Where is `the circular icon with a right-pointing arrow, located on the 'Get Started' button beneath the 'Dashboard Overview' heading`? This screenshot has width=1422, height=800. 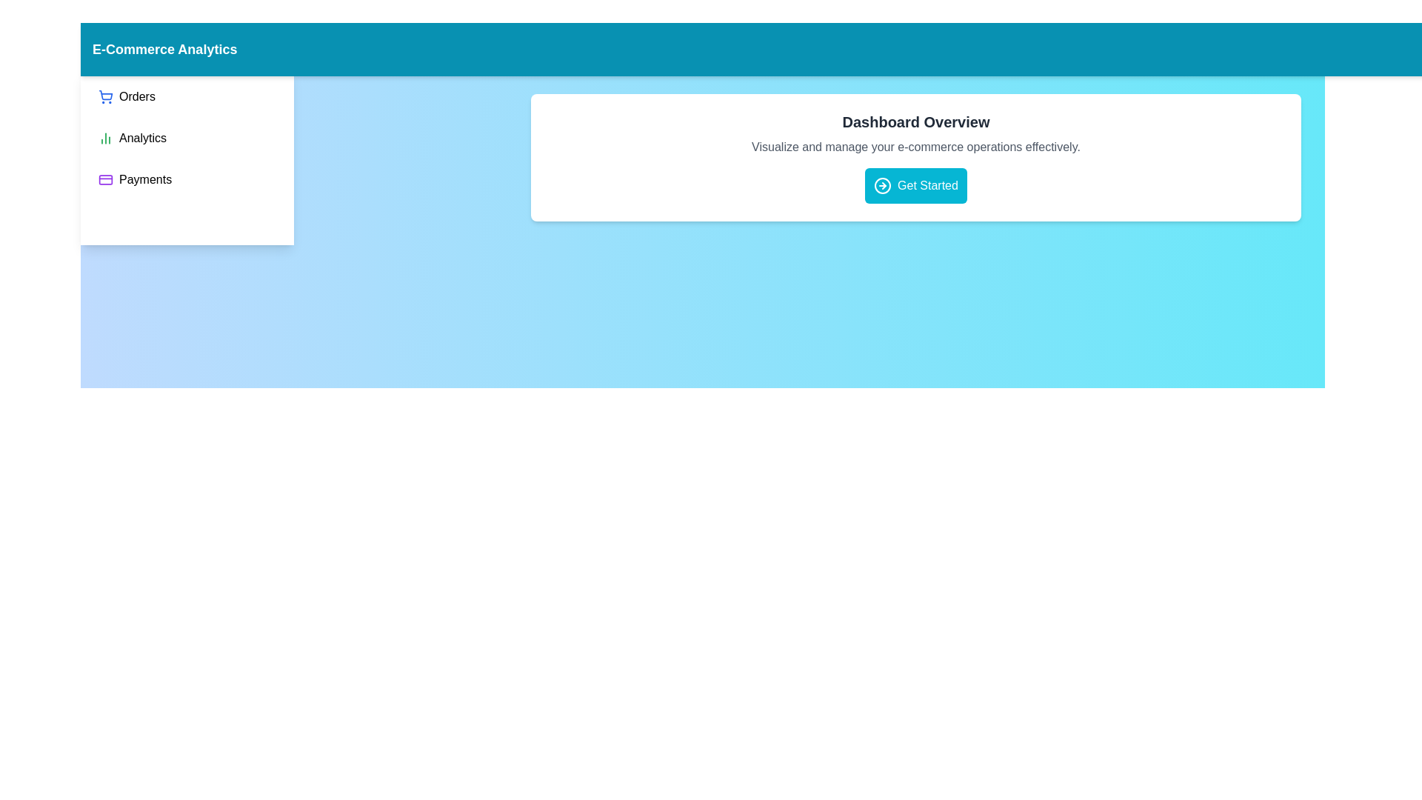
the circular icon with a right-pointing arrow, located on the 'Get Started' button beneath the 'Dashboard Overview' heading is located at coordinates (883, 184).